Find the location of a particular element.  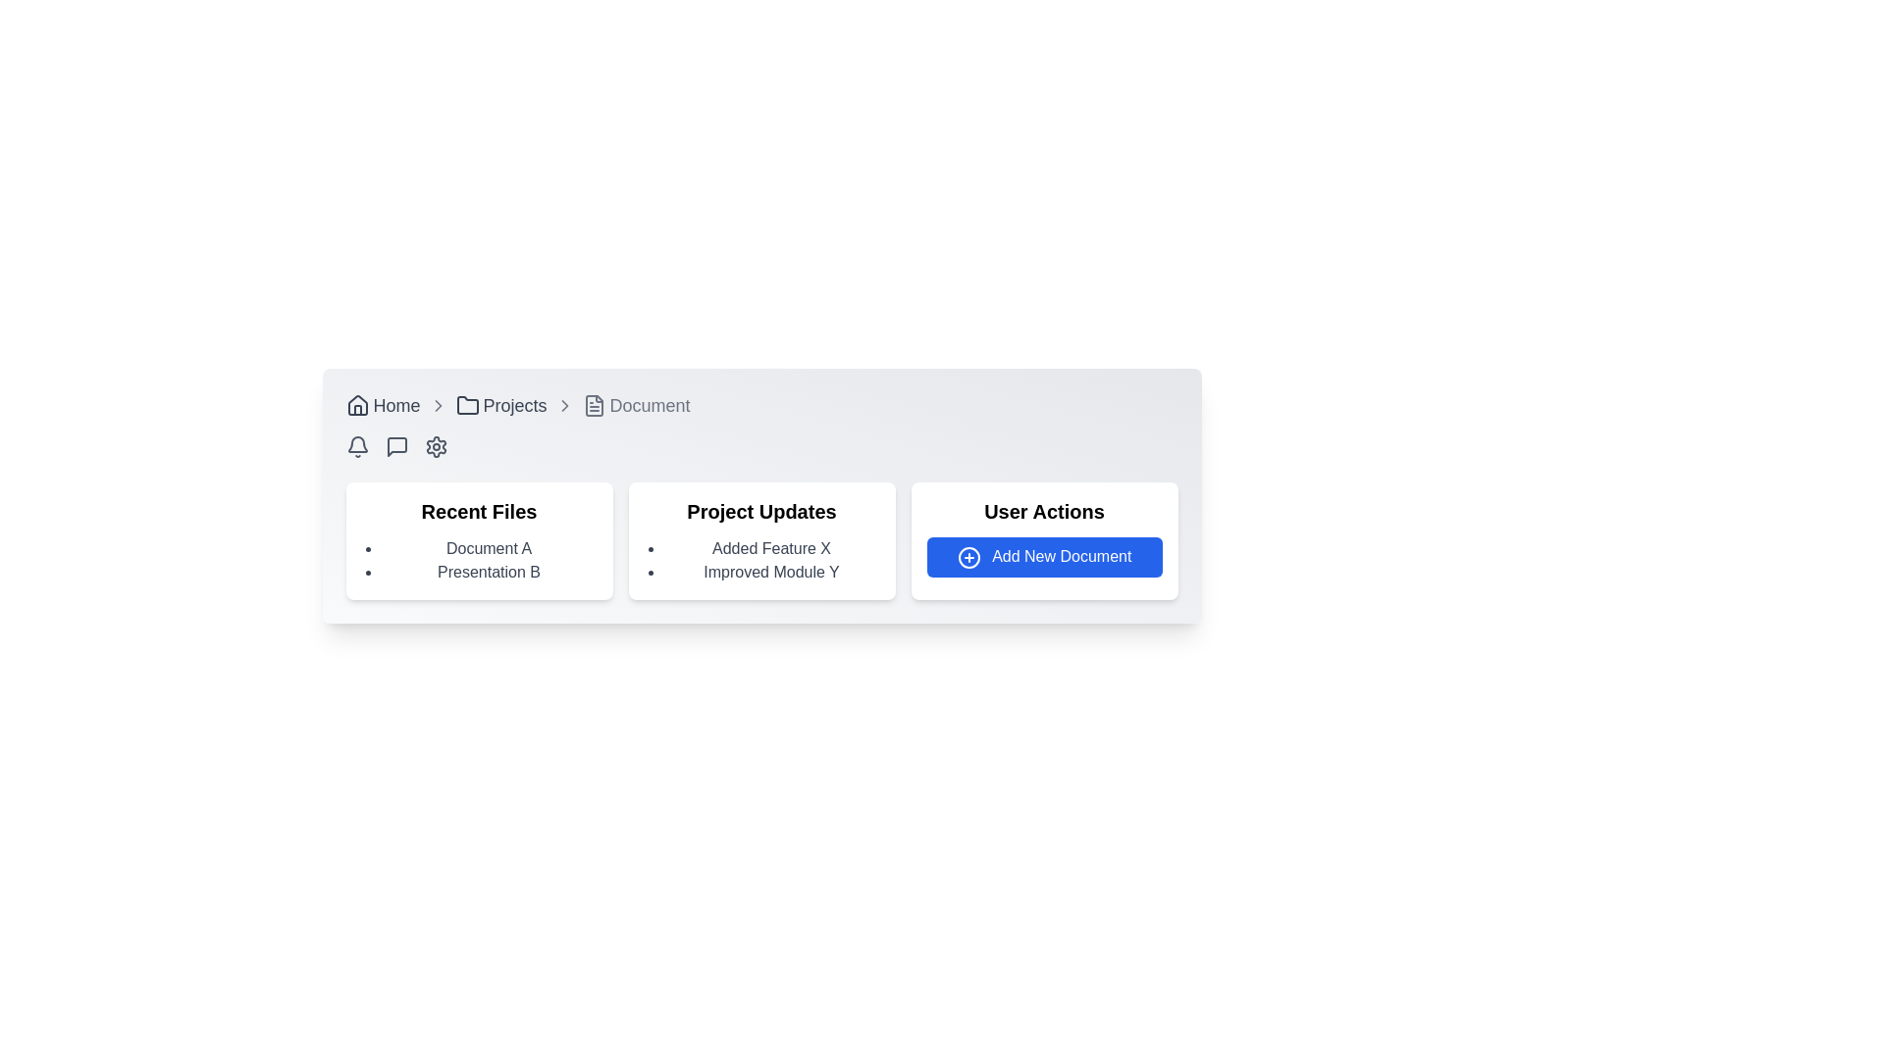

the gear-shaped icon button in the navigation bar is located at coordinates (435, 446).